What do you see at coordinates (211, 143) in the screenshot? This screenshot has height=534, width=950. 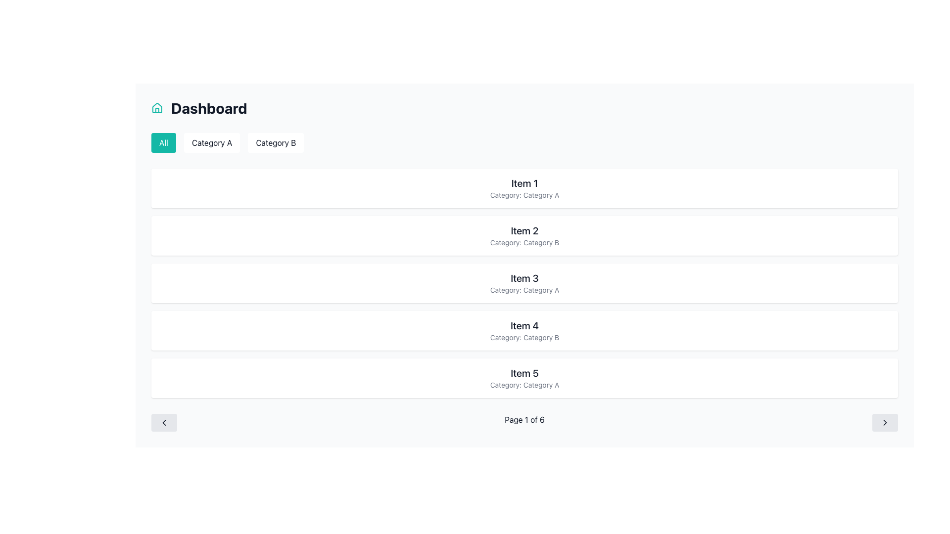 I see `the 'Category A' filter button, which is the second button in a horizontal group of three buttons labeled 'All', 'Category A', and 'Category B', located below the 'Dashboard' header` at bounding box center [211, 143].